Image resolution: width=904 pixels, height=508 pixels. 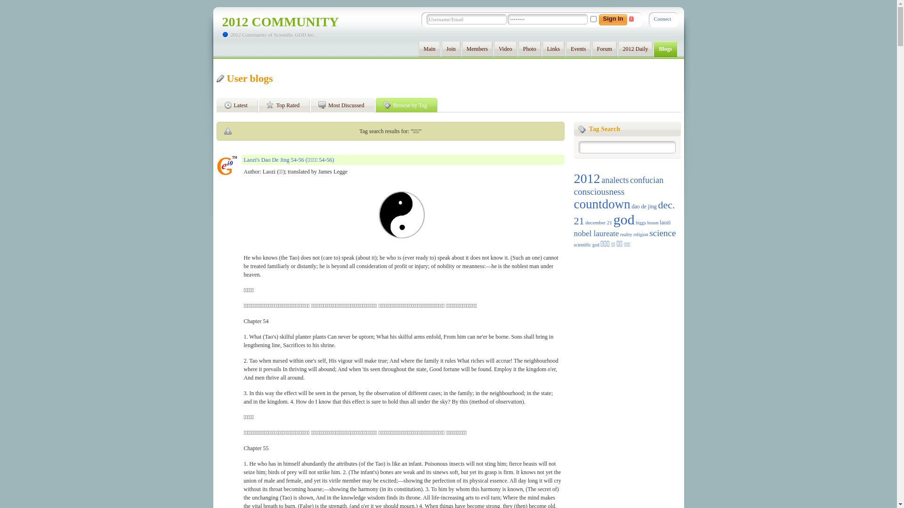 What do you see at coordinates (624, 213) in the screenshot?
I see `'dec. 21'` at bounding box center [624, 213].